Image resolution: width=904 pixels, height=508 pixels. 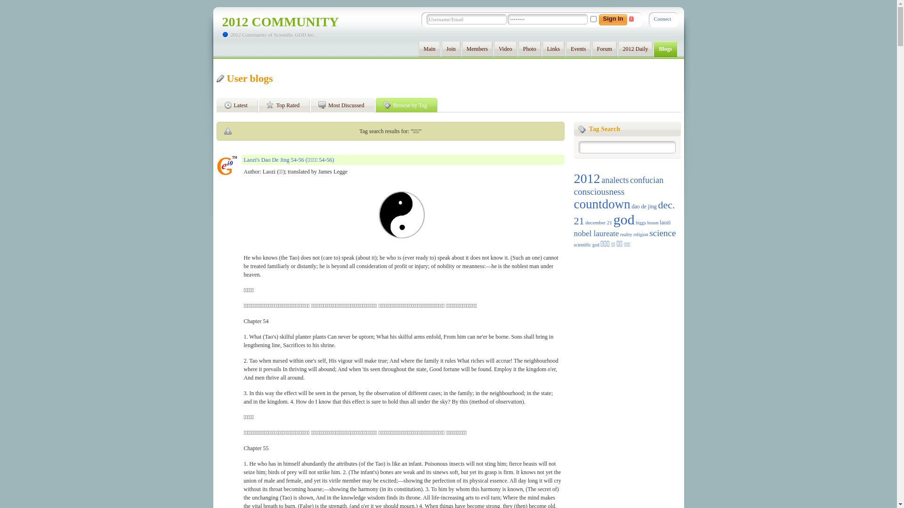 What do you see at coordinates (624, 213) in the screenshot?
I see `'dec. 21'` at bounding box center [624, 213].